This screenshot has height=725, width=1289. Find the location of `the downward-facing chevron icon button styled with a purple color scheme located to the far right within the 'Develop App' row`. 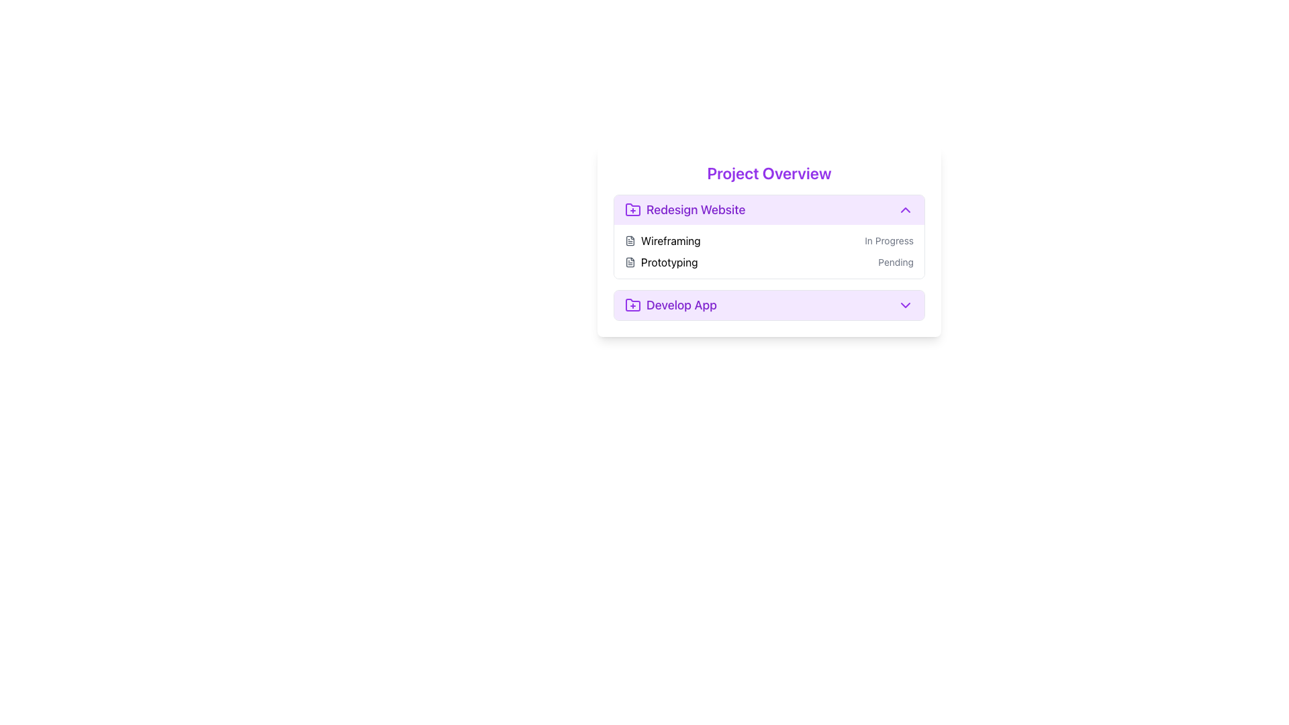

the downward-facing chevron icon button styled with a purple color scheme located to the far right within the 'Develop App' row is located at coordinates (905, 305).